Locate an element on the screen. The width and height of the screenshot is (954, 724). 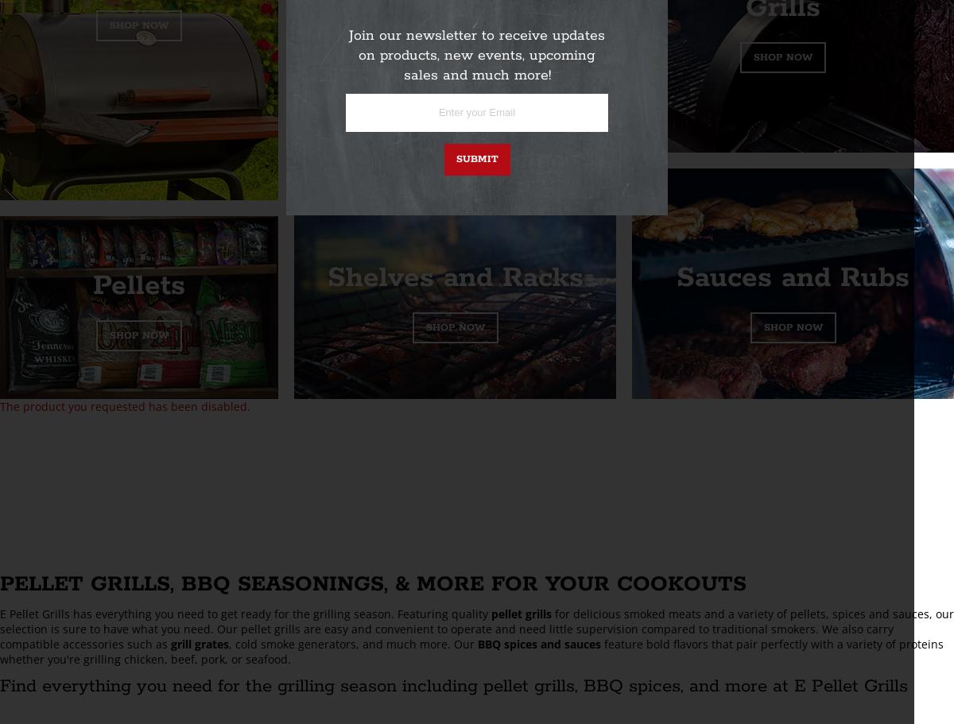
'feature bold flavors that pair perfectly with a variety of proteins whether you're grilling chicken, beef, pork, or seafood.' is located at coordinates (0, 650).